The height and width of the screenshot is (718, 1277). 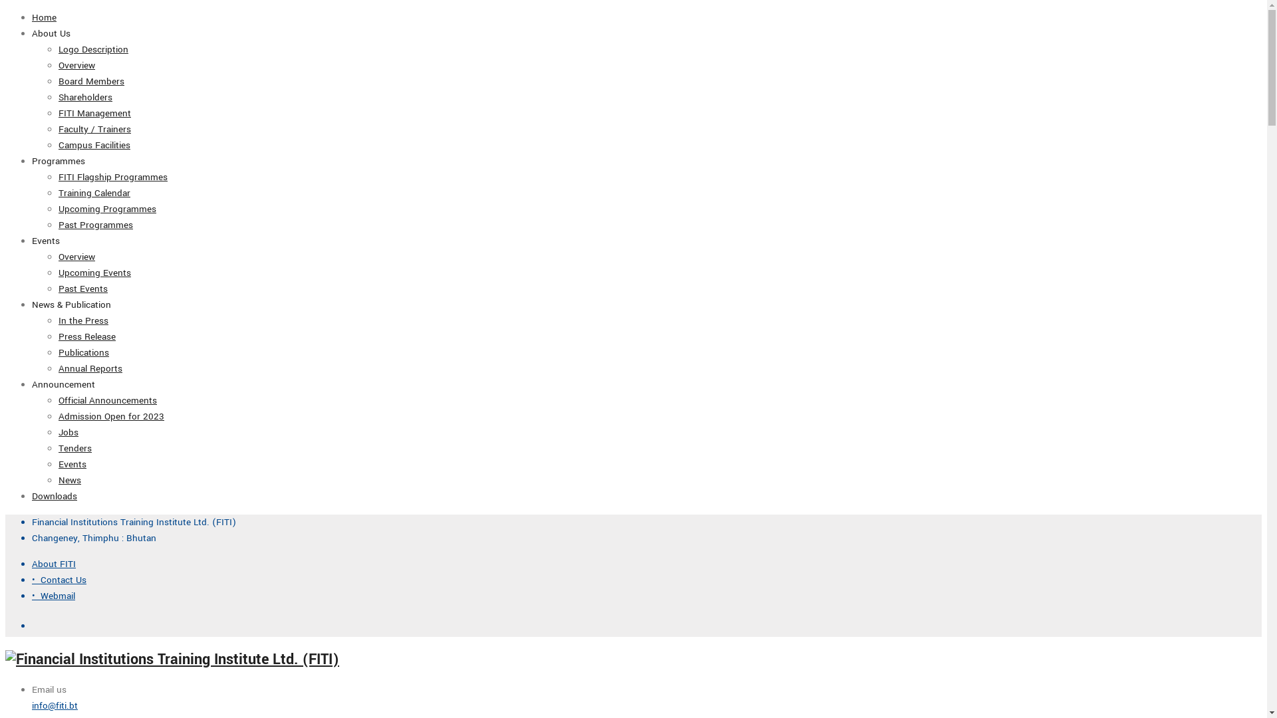 What do you see at coordinates (57, 81) in the screenshot?
I see `'Board Members'` at bounding box center [57, 81].